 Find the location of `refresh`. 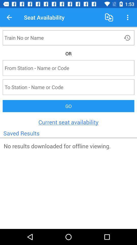

refresh is located at coordinates (127, 37).